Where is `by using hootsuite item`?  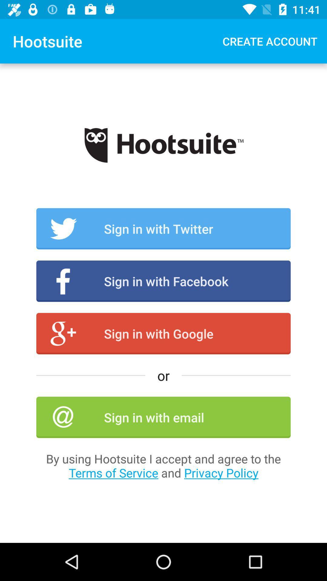
by using hootsuite item is located at coordinates (163, 465).